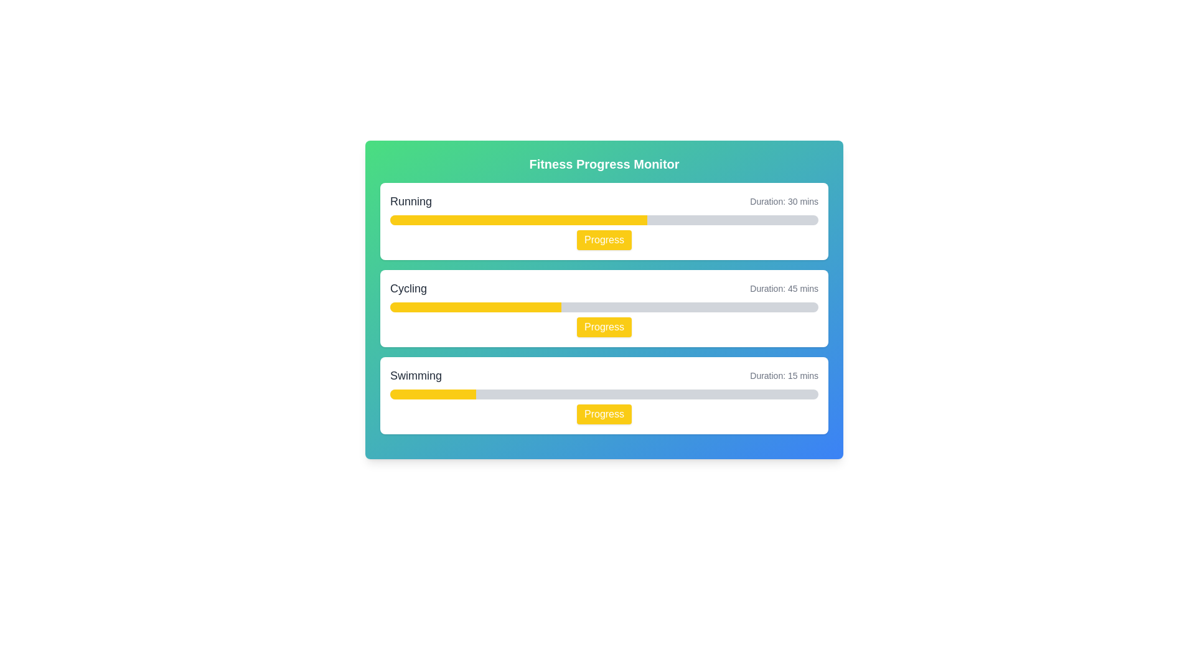  I want to click on the third progress bar located within the 'Swimming' activity section, positioned below the text 'Swimming' and 'Duration: 15 mins', and above the yellow 'Progress' button, so click(604, 394).